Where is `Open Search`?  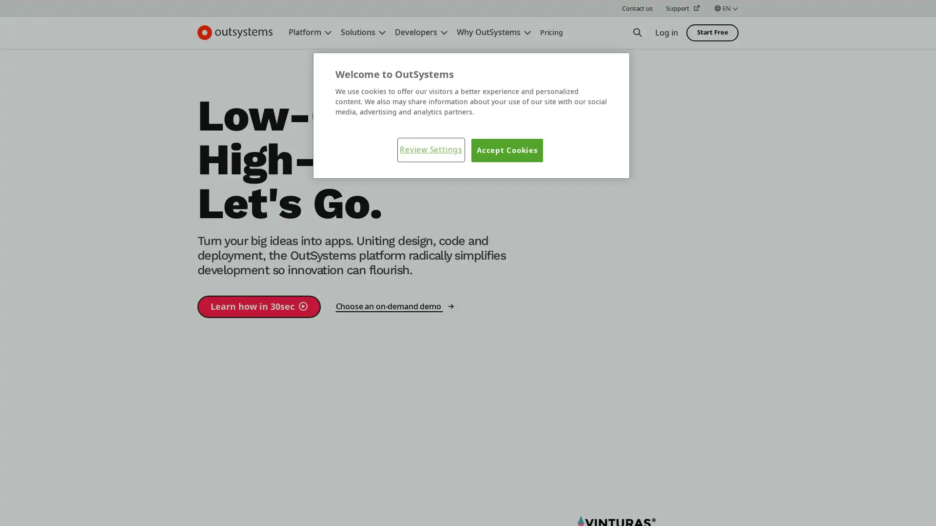 Open Search is located at coordinates (637, 32).